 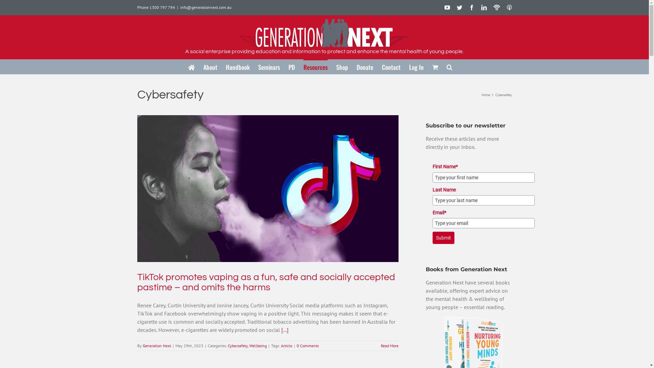 I want to click on 'YouTube', so click(x=447, y=7).